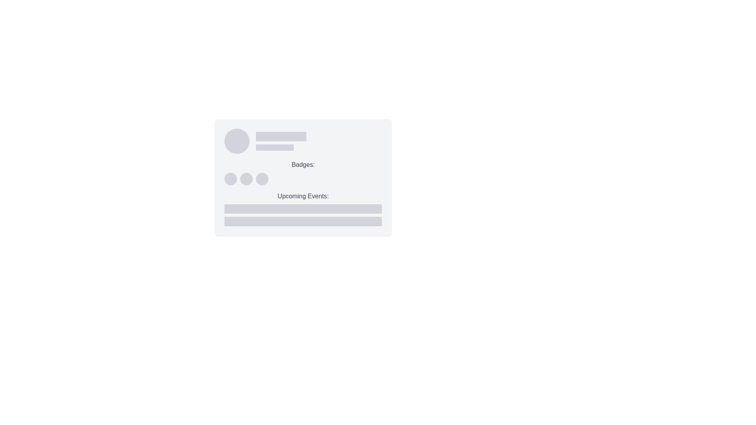 This screenshot has height=425, width=756. Describe the element at coordinates (302, 215) in the screenshot. I see `the grouping of non-interactive visual indicators located in the 'Upcoming Events:' section, positioned immediately below the label 'Upcoming Events:'` at that location.